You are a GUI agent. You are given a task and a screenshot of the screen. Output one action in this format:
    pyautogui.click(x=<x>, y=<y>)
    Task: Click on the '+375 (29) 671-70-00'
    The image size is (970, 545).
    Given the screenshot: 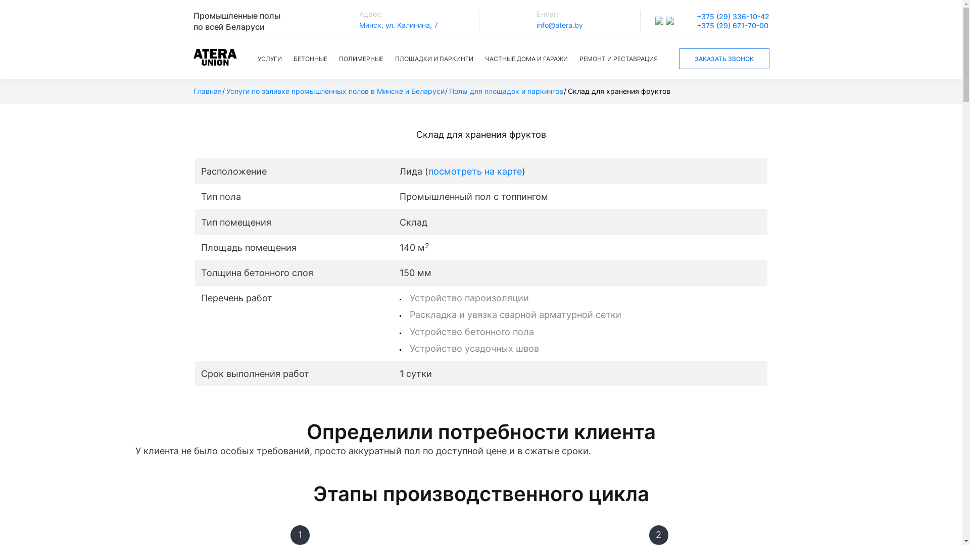 What is the action you would take?
    pyautogui.click(x=732, y=25)
    